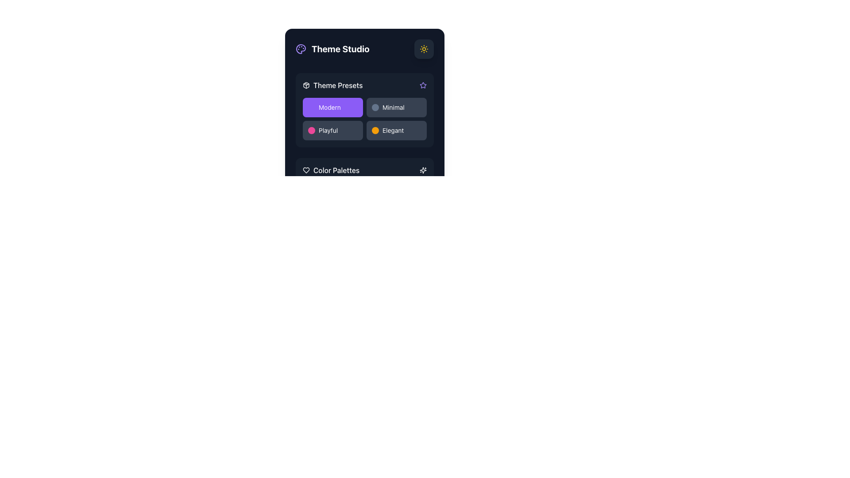 This screenshot has height=478, width=850. Describe the element at coordinates (312, 130) in the screenshot. I see `the small vibrant pink circular icon located to the left of the text 'Playful' within the 'Theme Presets' area` at that location.